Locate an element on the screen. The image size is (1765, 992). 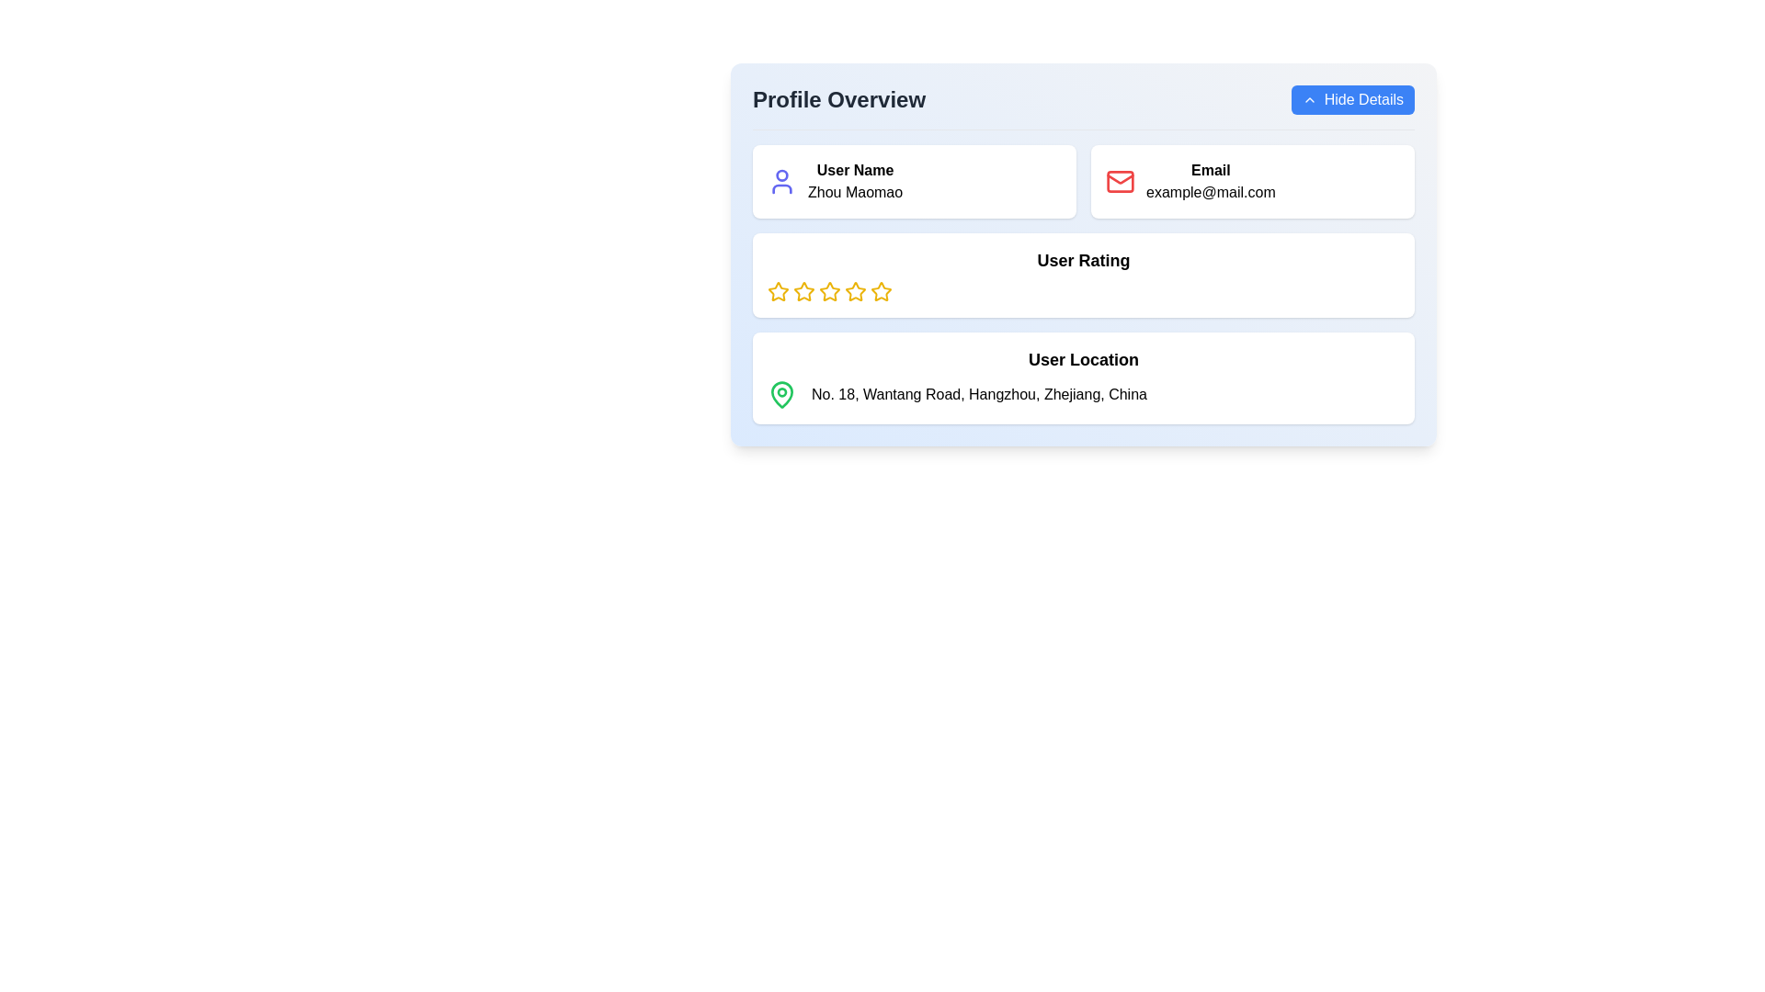
the 'User Rating' text label, which is styled in bold and positioned above the star icons is located at coordinates (1084, 261).